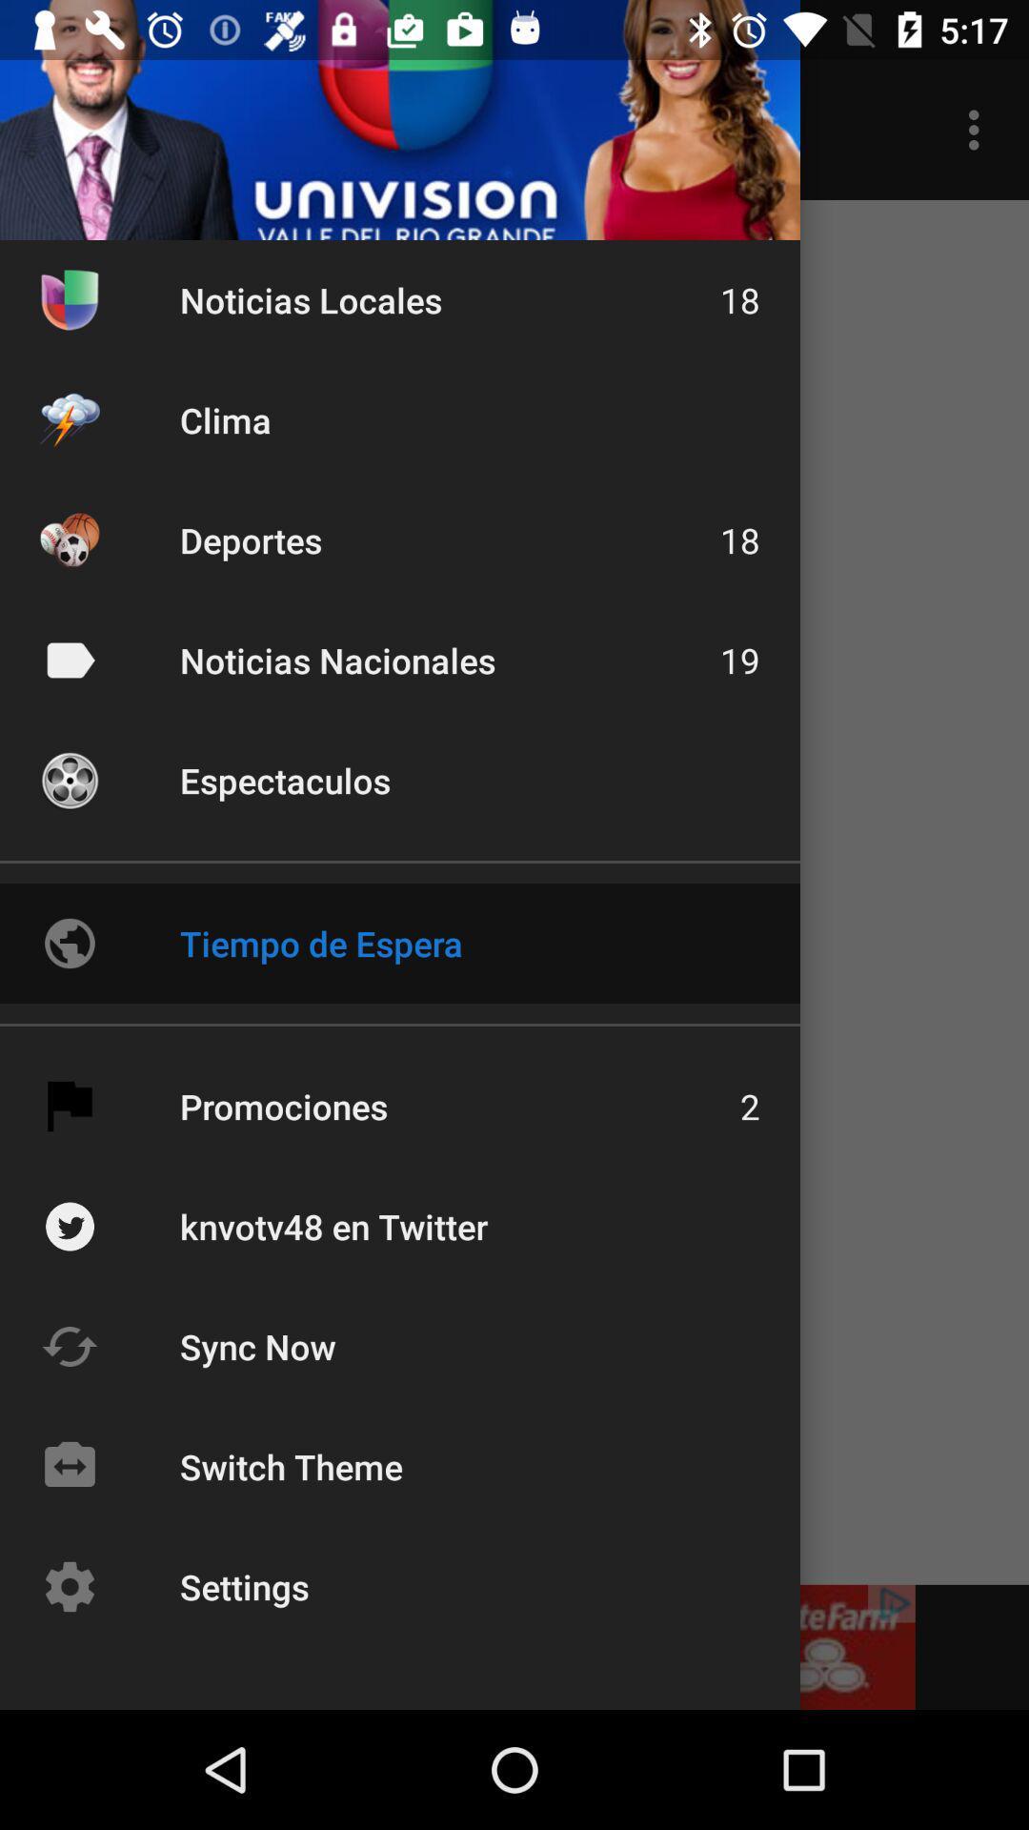 The height and width of the screenshot is (1830, 1029). What do you see at coordinates (69, 419) in the screenshot?
I see `the icon left to clima` at bounding box center [69, 419].